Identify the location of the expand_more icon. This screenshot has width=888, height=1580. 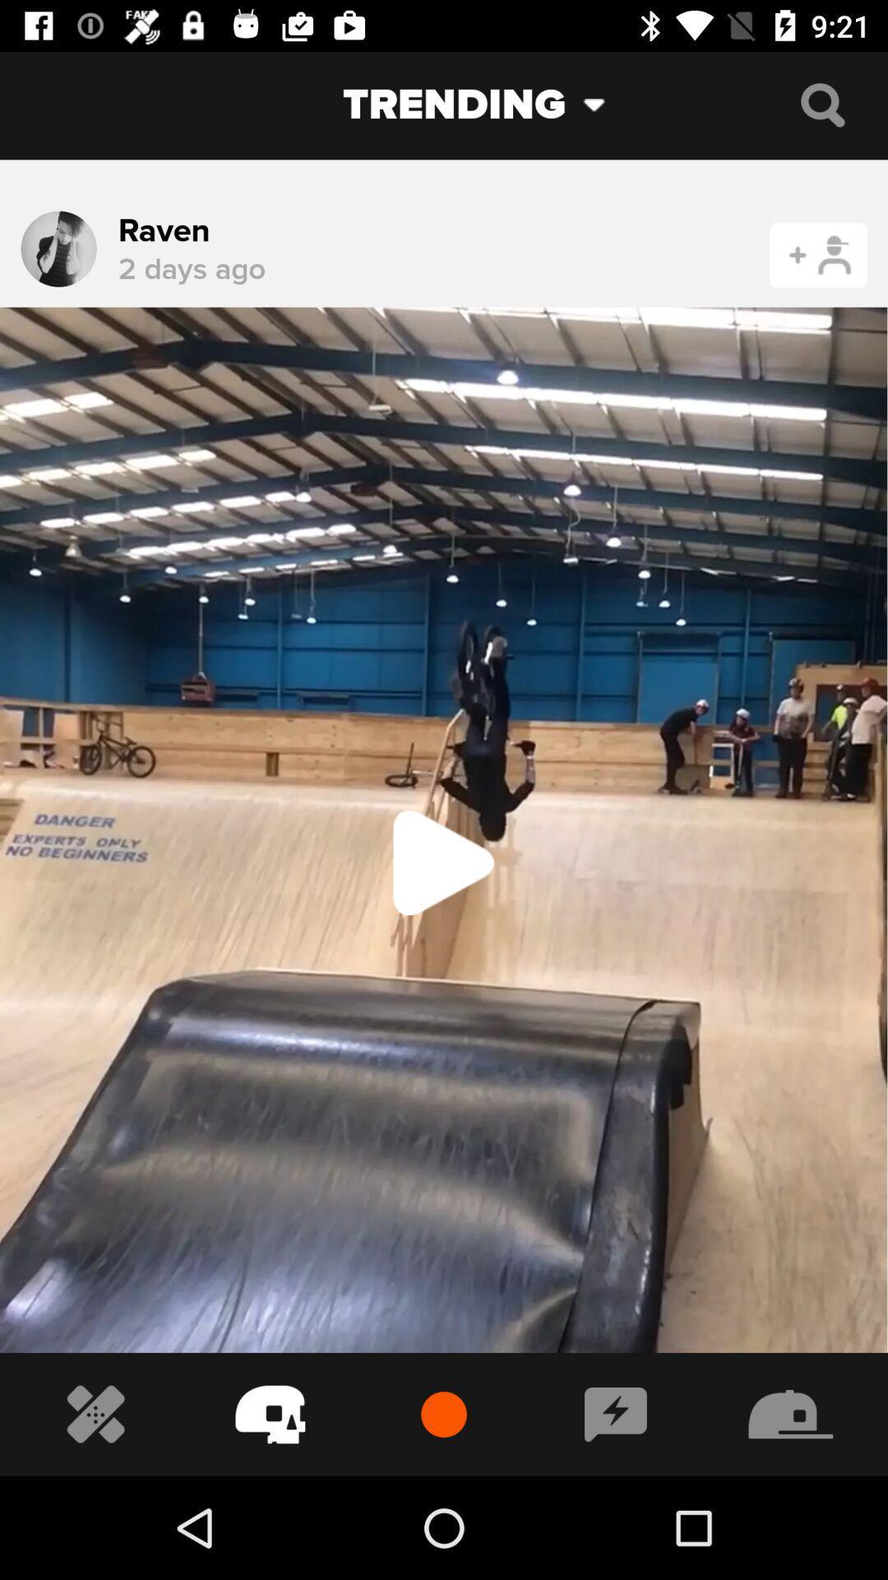
(607, 104).